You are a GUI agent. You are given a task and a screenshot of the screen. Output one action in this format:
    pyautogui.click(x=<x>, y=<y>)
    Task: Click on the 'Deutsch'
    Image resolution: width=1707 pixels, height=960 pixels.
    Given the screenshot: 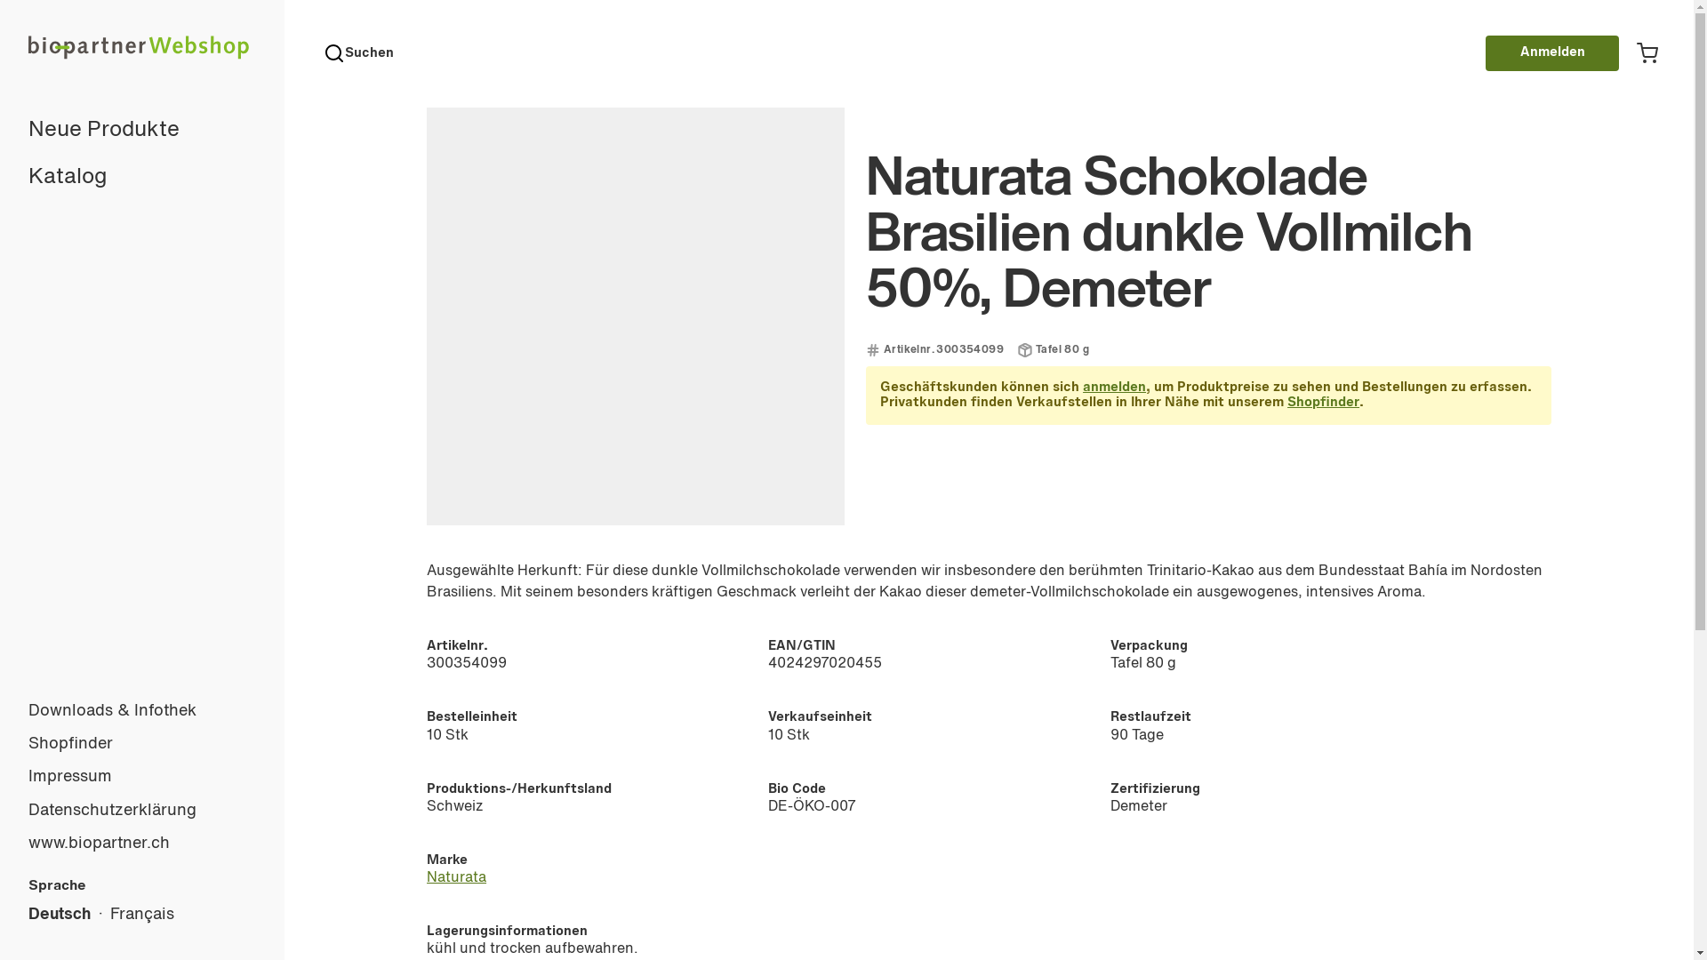 What is the action you would take?
    pyautogui.click(x=60, y=915)
    